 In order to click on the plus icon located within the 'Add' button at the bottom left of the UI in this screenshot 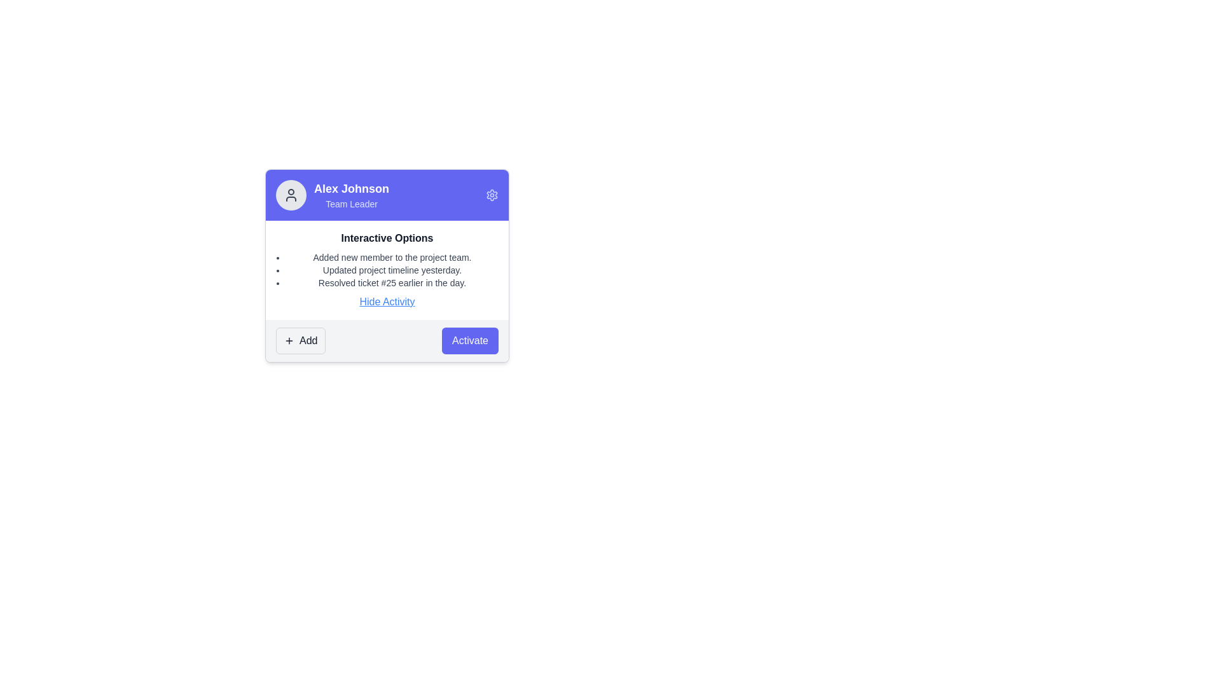, I will do `click(289, 340)`.